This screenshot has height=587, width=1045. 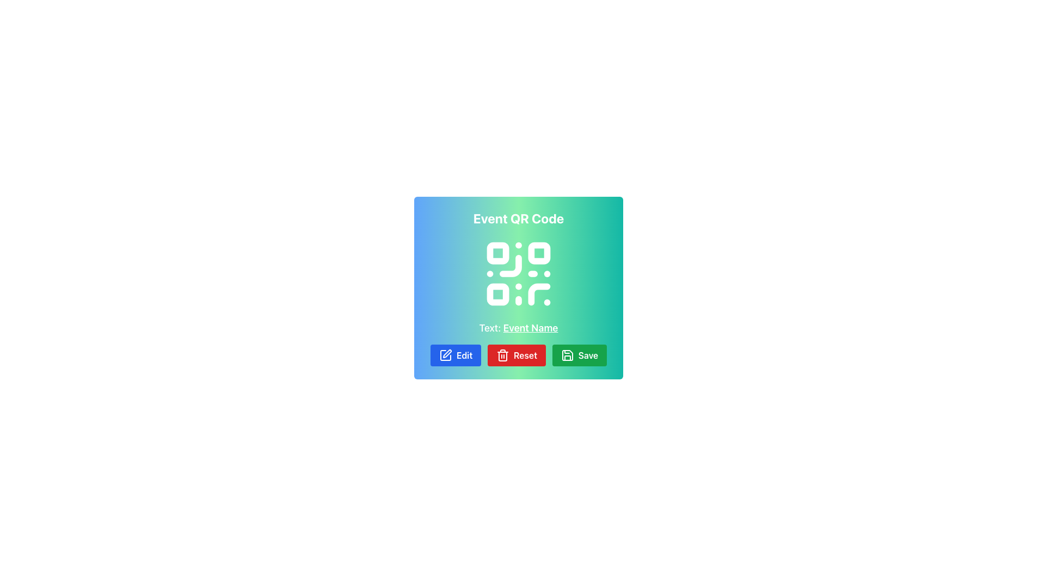 What do you see at coordinates (447, 354) in the screenshot?
I see `the pen icon, which symbolizes editing, located in the left section of the small icon group above the buttons labeled 'Edit', 'Reset', and 'Save'` at bounding box center [447, 354].